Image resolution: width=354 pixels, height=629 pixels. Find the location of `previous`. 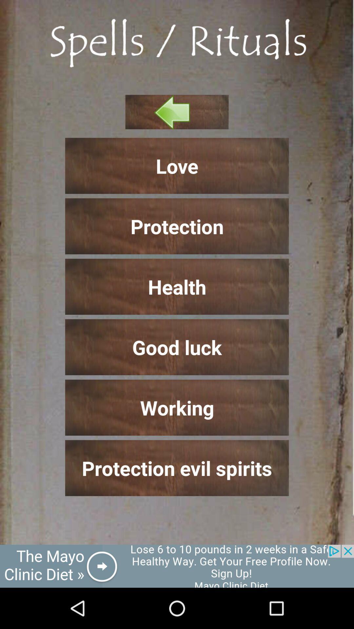

previous is located at coordinates (177, 112).